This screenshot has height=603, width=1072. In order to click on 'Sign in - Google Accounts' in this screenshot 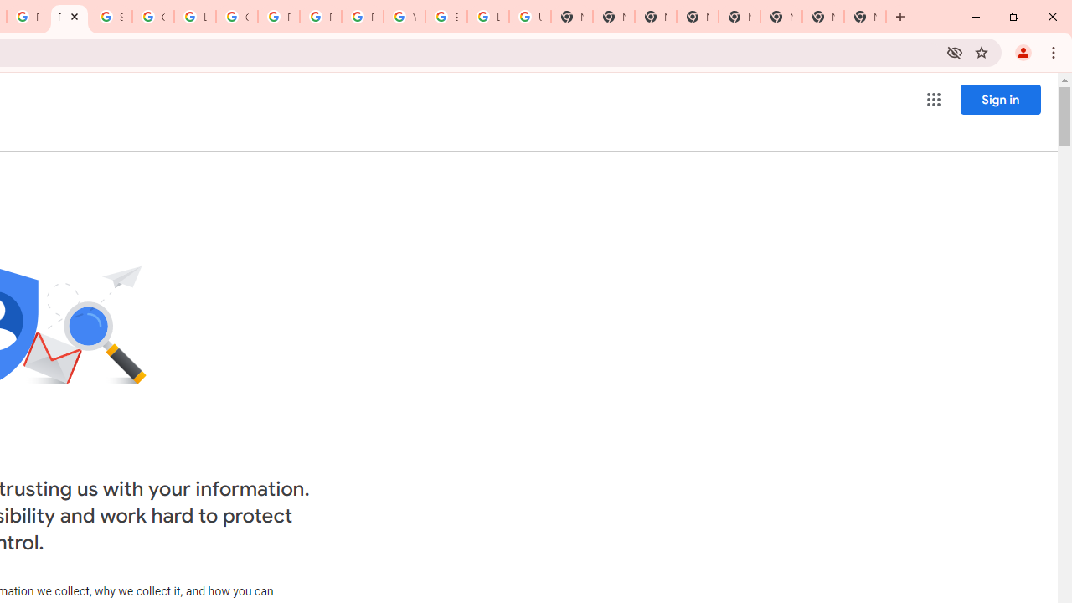, I will do `click(110, 17)`.